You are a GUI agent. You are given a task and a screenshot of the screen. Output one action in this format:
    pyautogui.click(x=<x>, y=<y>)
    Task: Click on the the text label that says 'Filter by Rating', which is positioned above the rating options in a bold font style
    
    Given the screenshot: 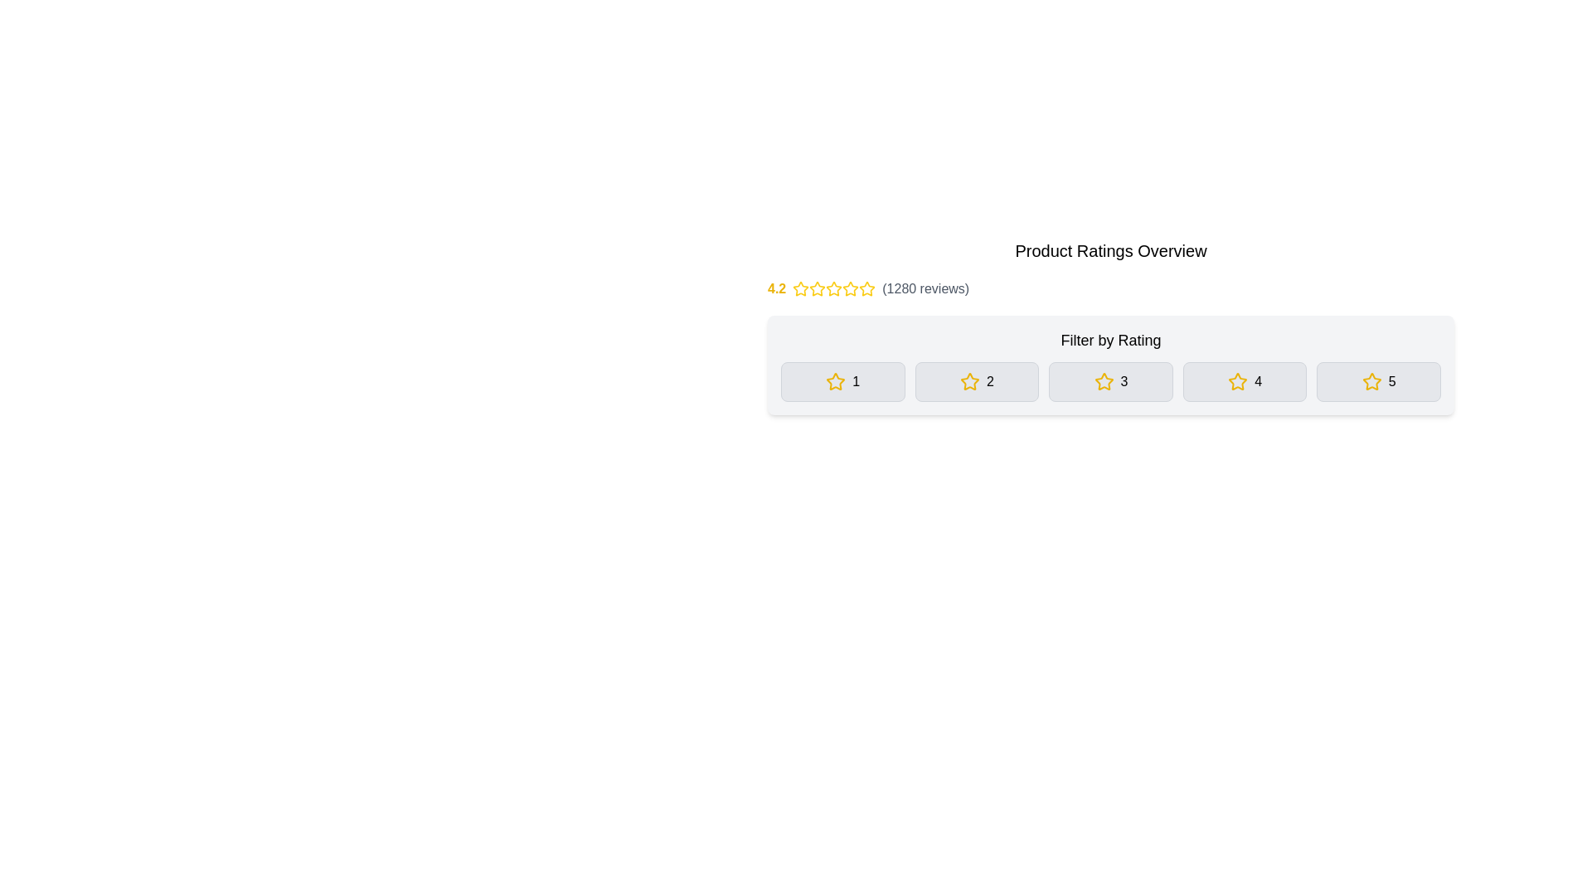 What is the action you would take?
    pyautogui.click(x=1110, y=340)
    